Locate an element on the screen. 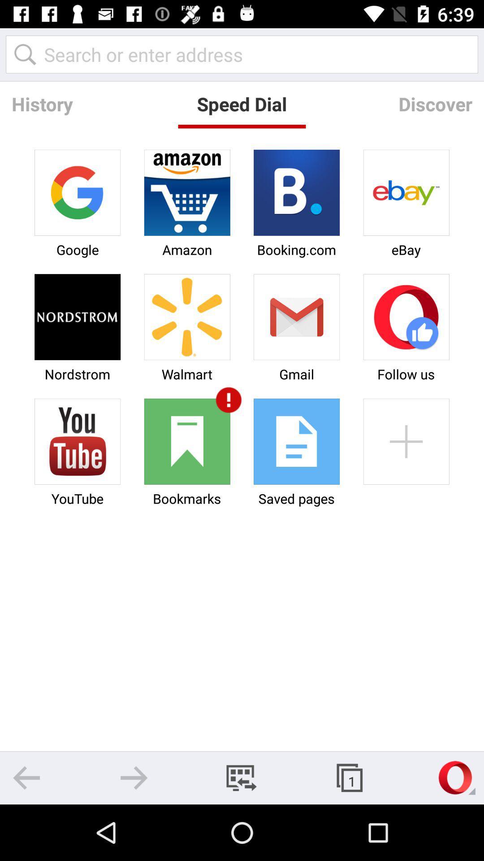 The height and width of the screenshot is (861, 484). the discover icon is located at coordinates (435, 104).